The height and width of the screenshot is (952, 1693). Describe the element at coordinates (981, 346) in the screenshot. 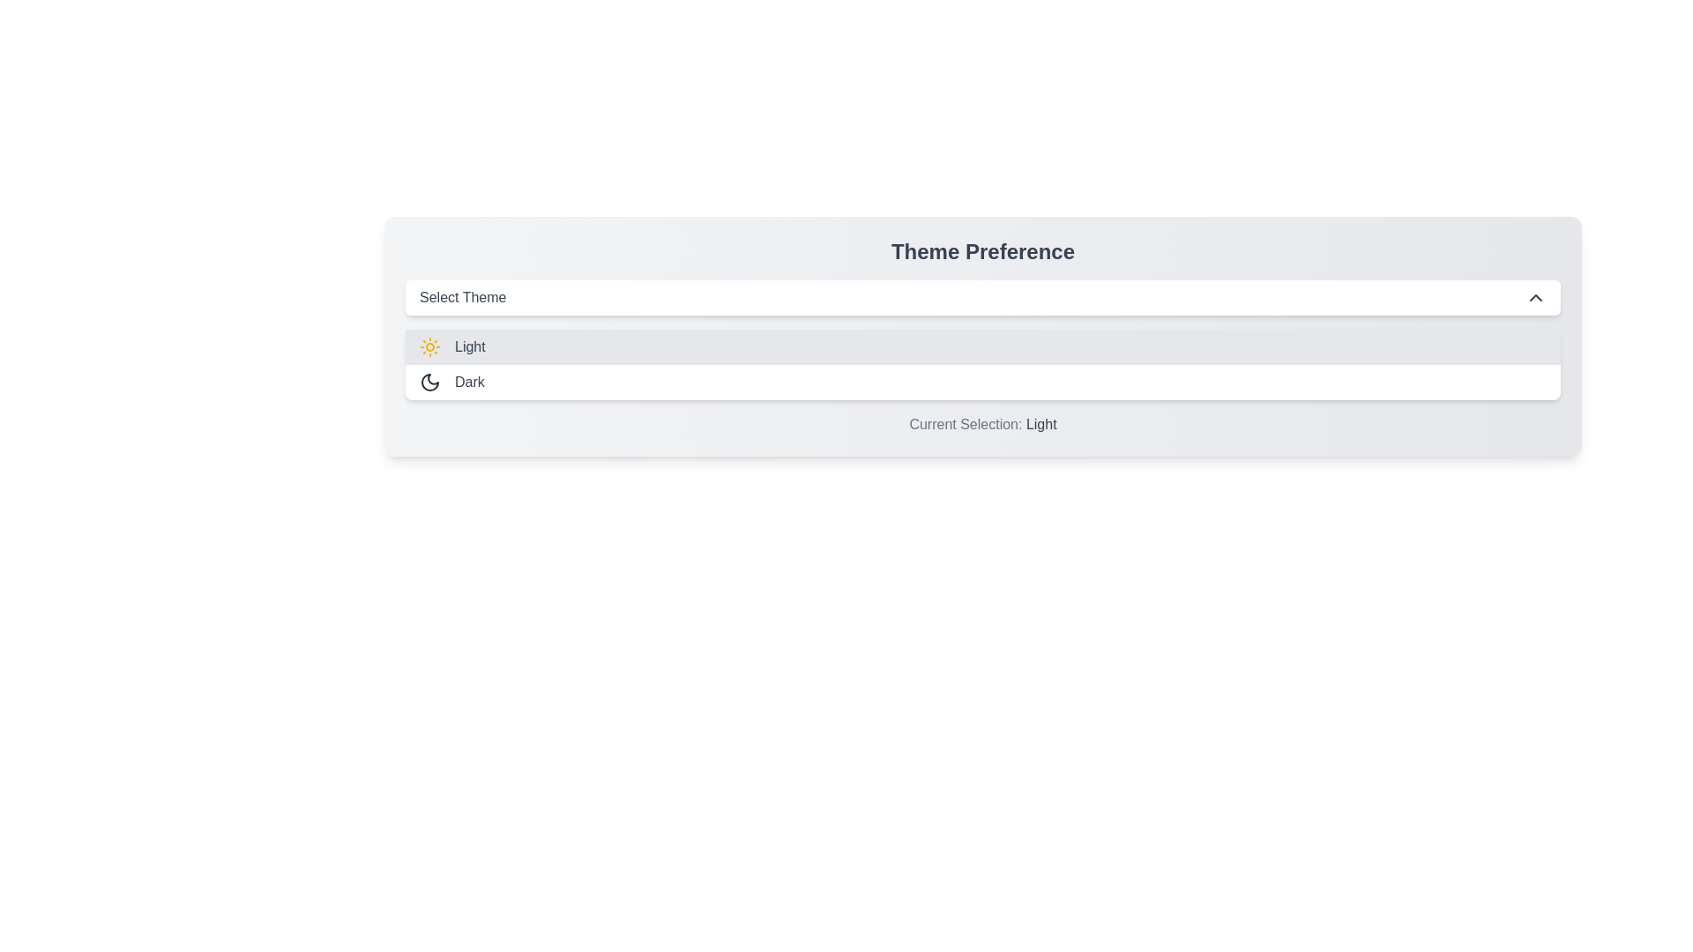

I see `the 'Light' theme button to select it` at that location.